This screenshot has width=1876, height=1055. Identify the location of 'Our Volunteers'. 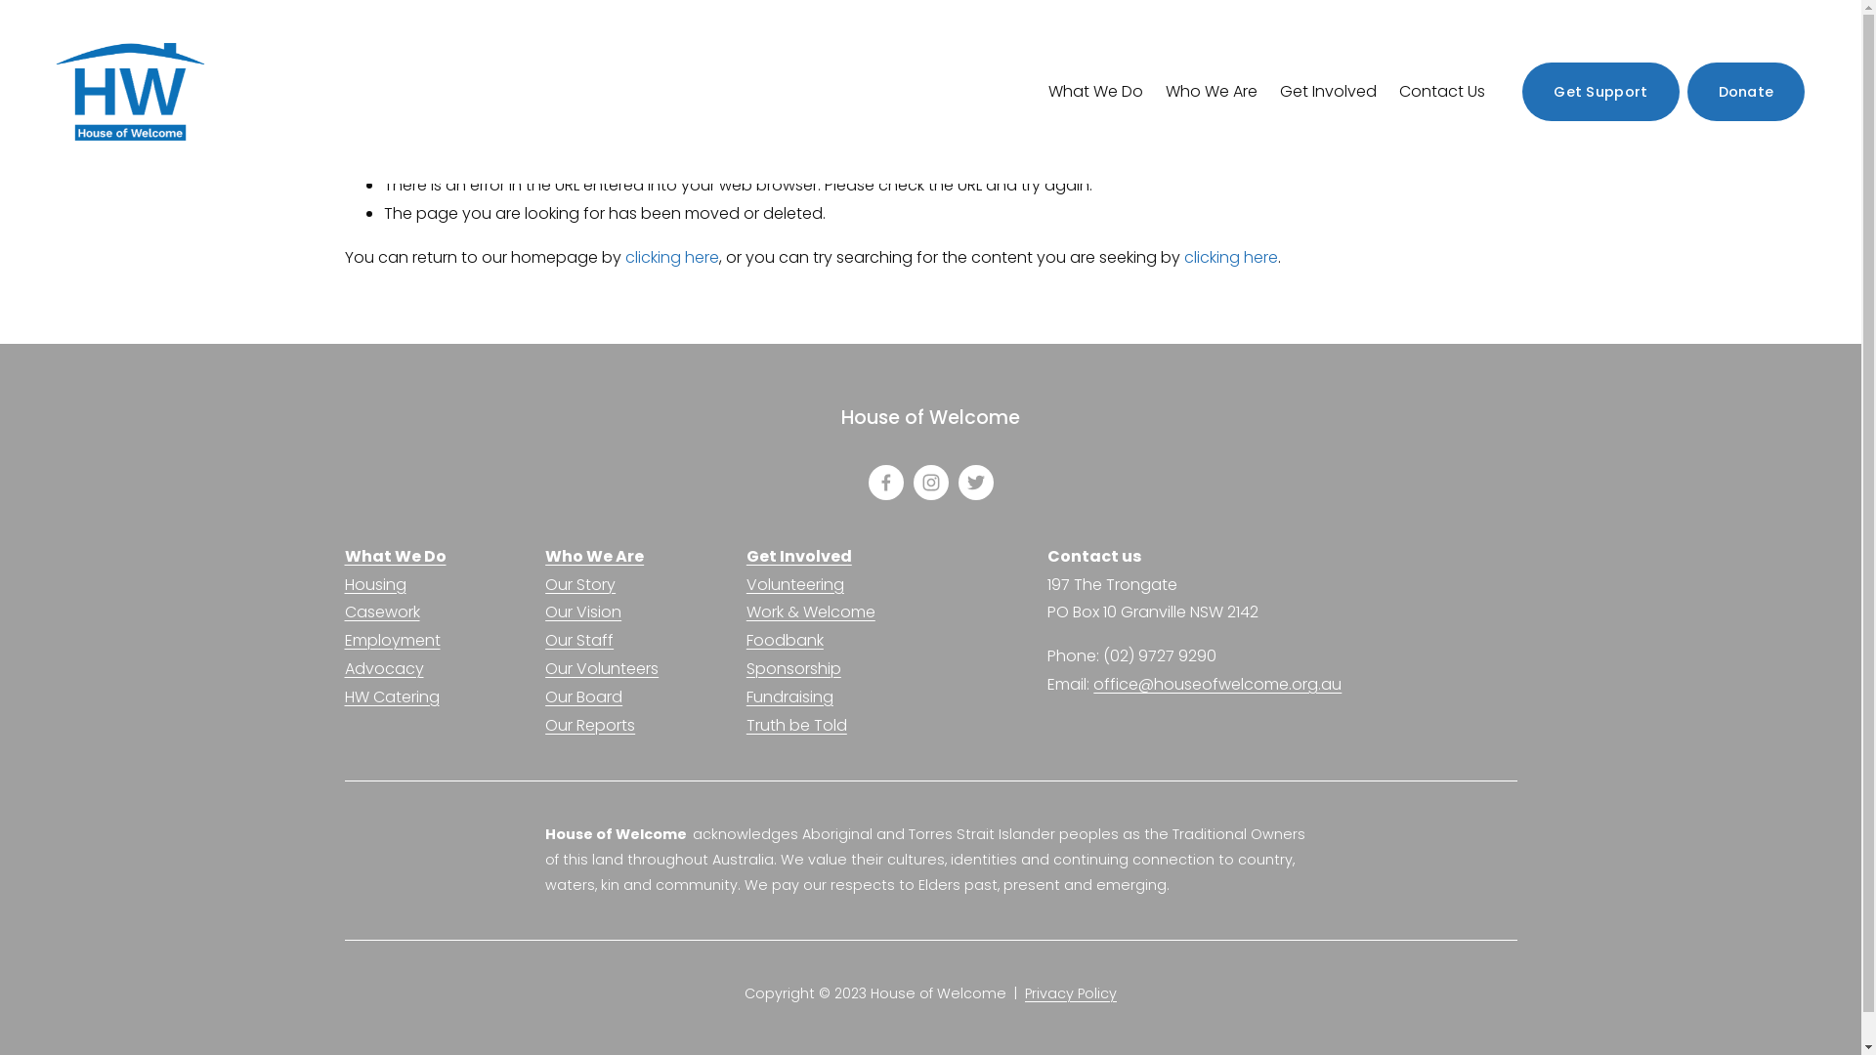
(600, 668).